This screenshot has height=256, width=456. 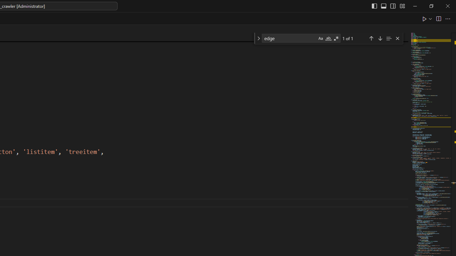 What do you see at coordinates (447, 18) in the screenshot?
I see `'More Actions...'` at bounding box center [447, 18].